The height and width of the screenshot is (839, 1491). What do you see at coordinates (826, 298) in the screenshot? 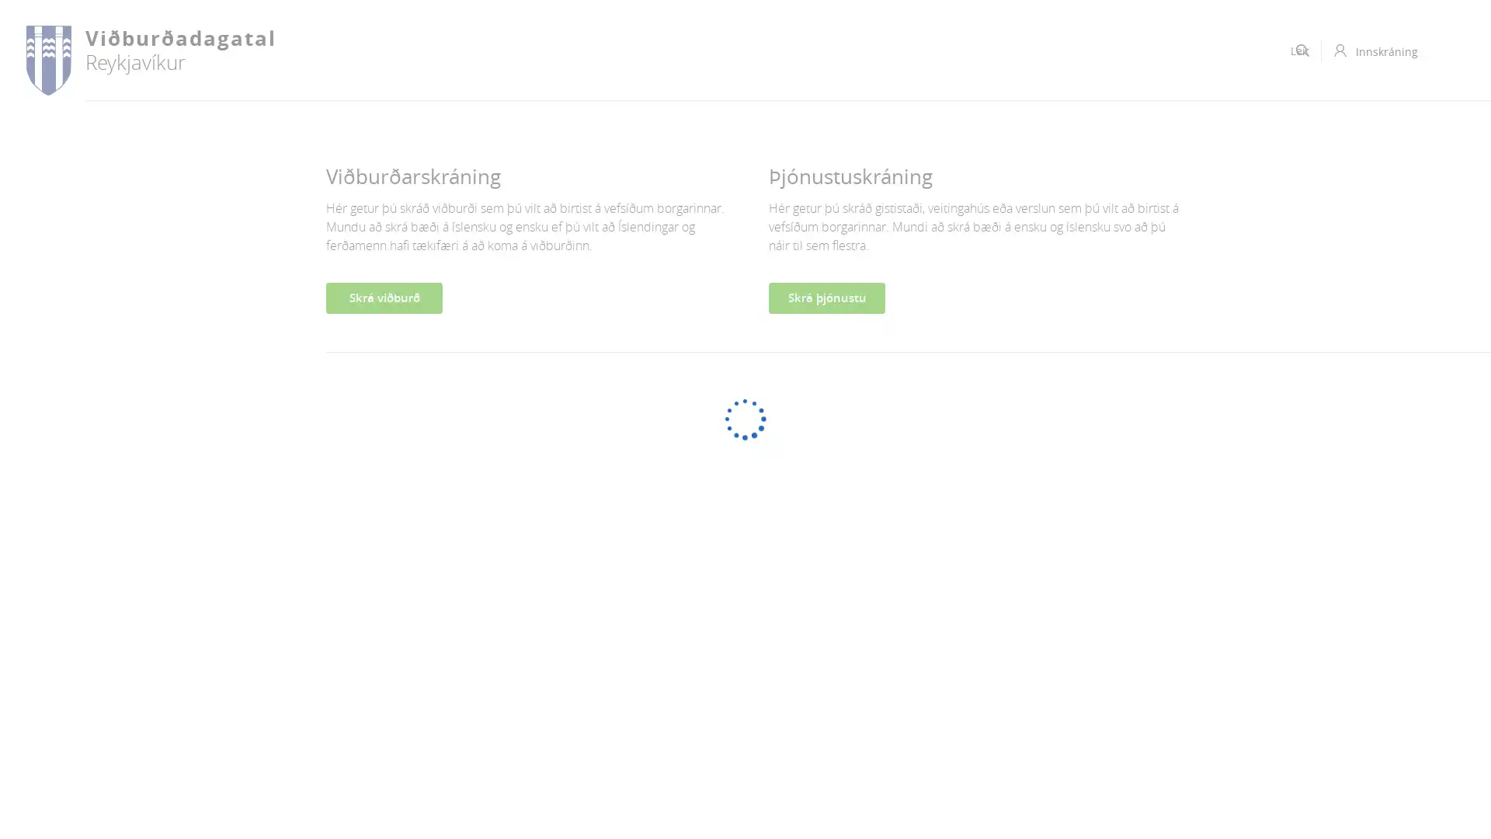
I see `Skra jonustu` at bounding box center [826, 298].